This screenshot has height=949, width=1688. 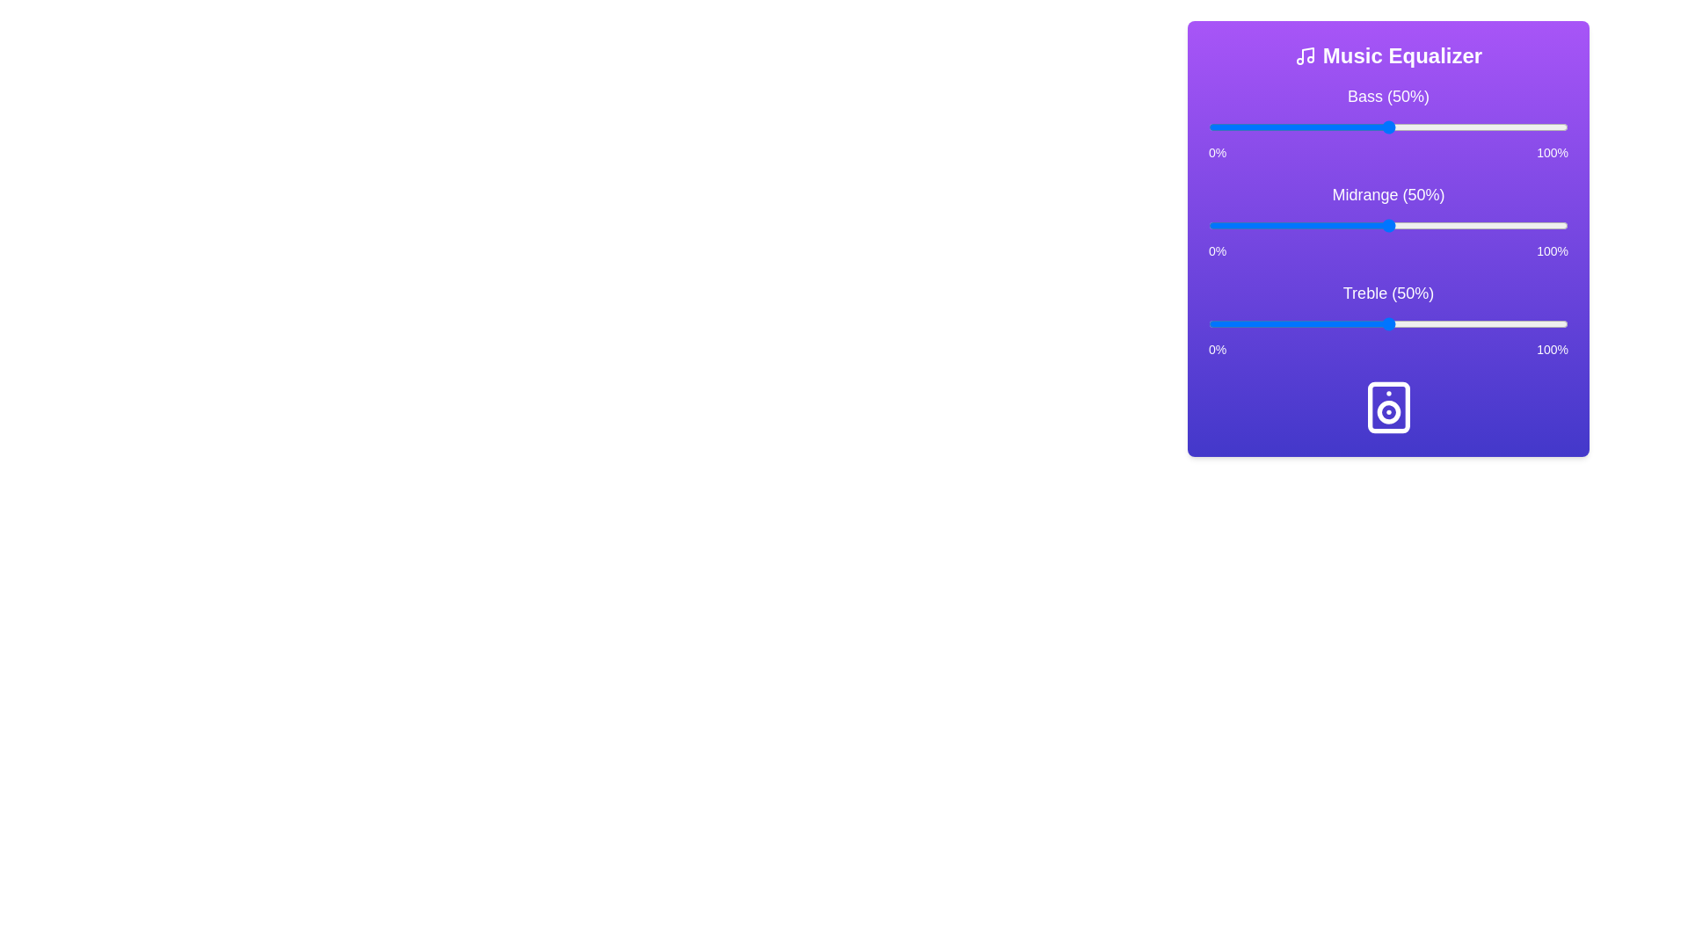 What do you see at coordinates (1438, 225) in the screenshot?
I see `the midrange level to 64% using the slider` at bounding box center [1438, 225].